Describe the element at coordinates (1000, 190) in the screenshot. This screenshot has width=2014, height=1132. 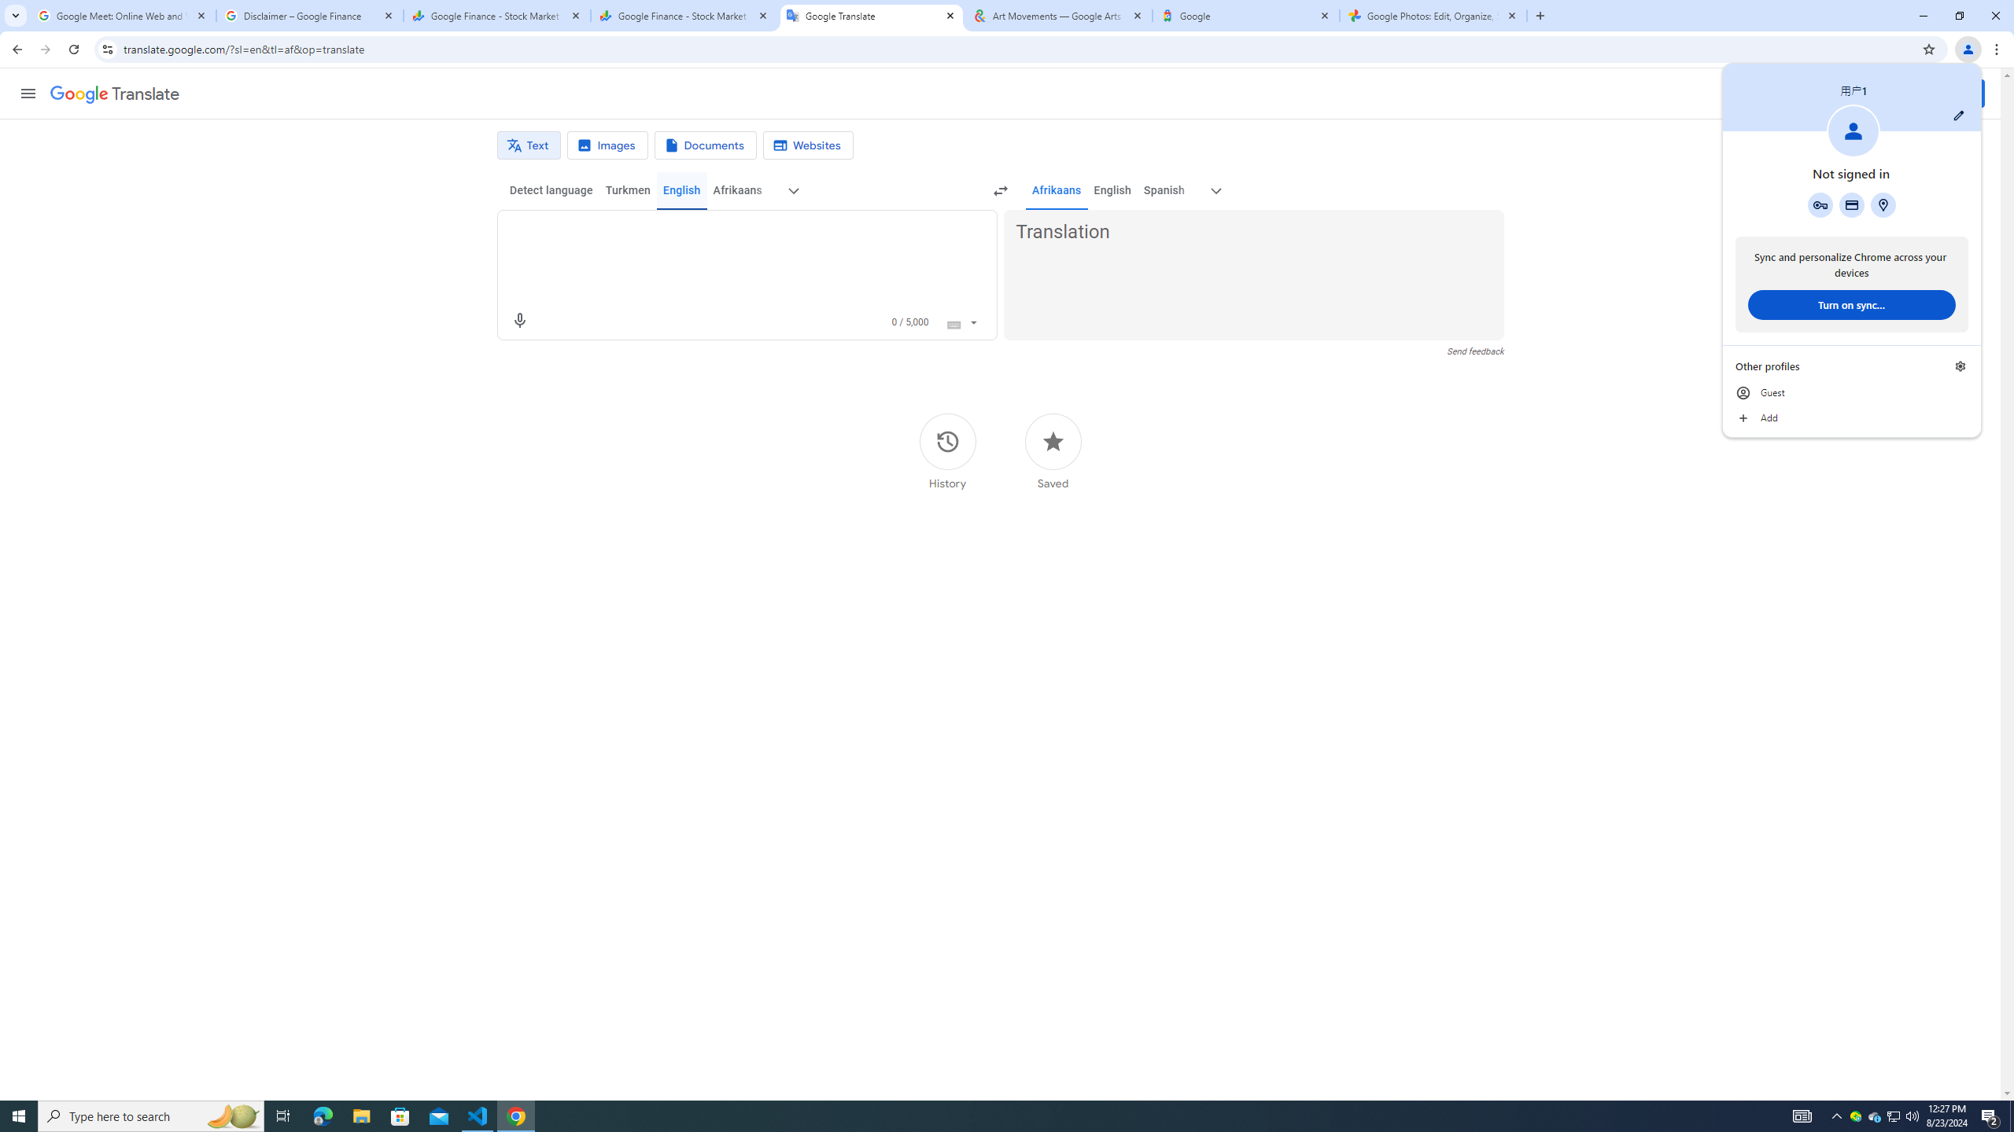
I see `'Swap languages (Ctrl+Shift+S)'` at that location.